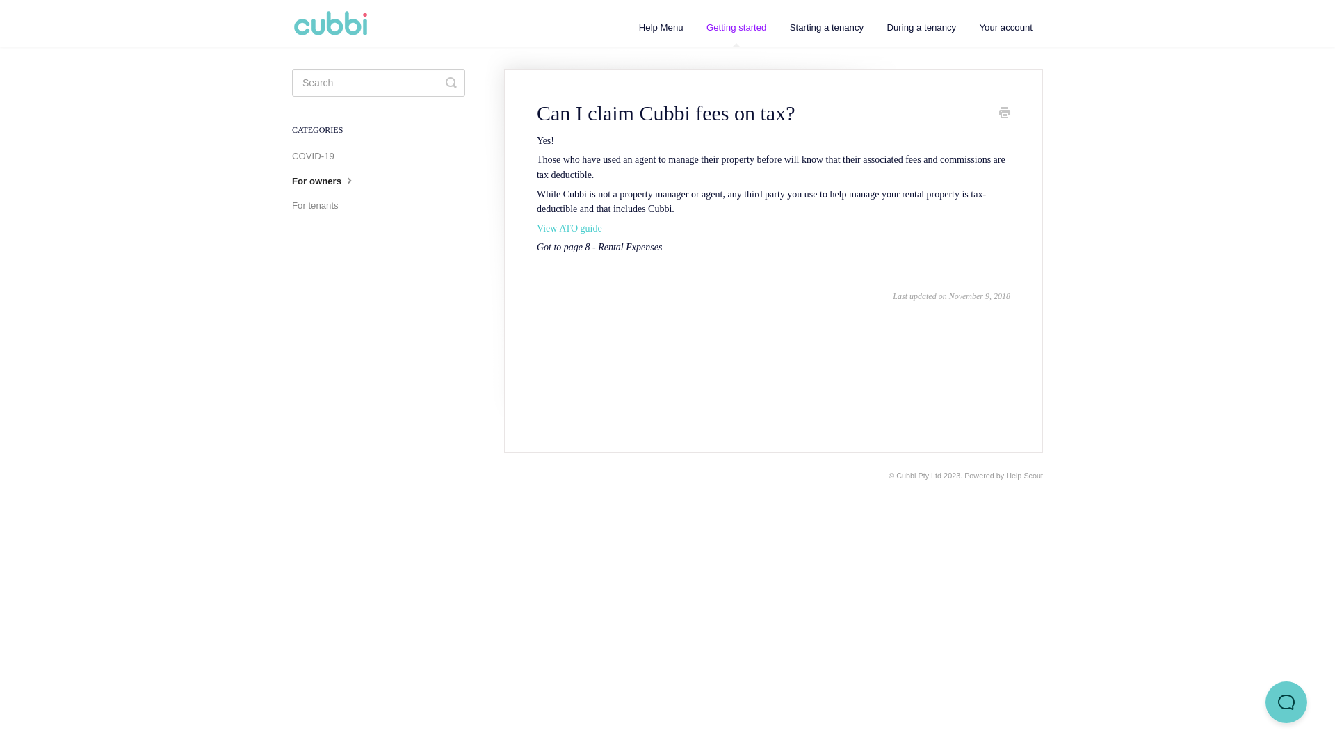 The height and width of the screenshot is (751, 1335). Describe the element at coordinates (446, 83) in the screenshot. I see `'Toggle Search'` at that location.